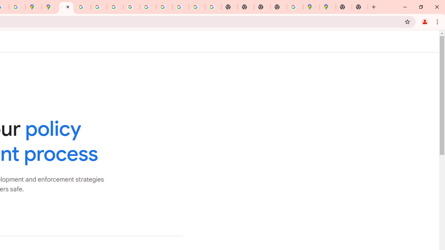 This screenshot has width=445, height=250. What do you see at coordinates (82, 7) in the screenshot?
I see `'Privacy Help Center - Policies Help'` at bounding box center [82, 7].